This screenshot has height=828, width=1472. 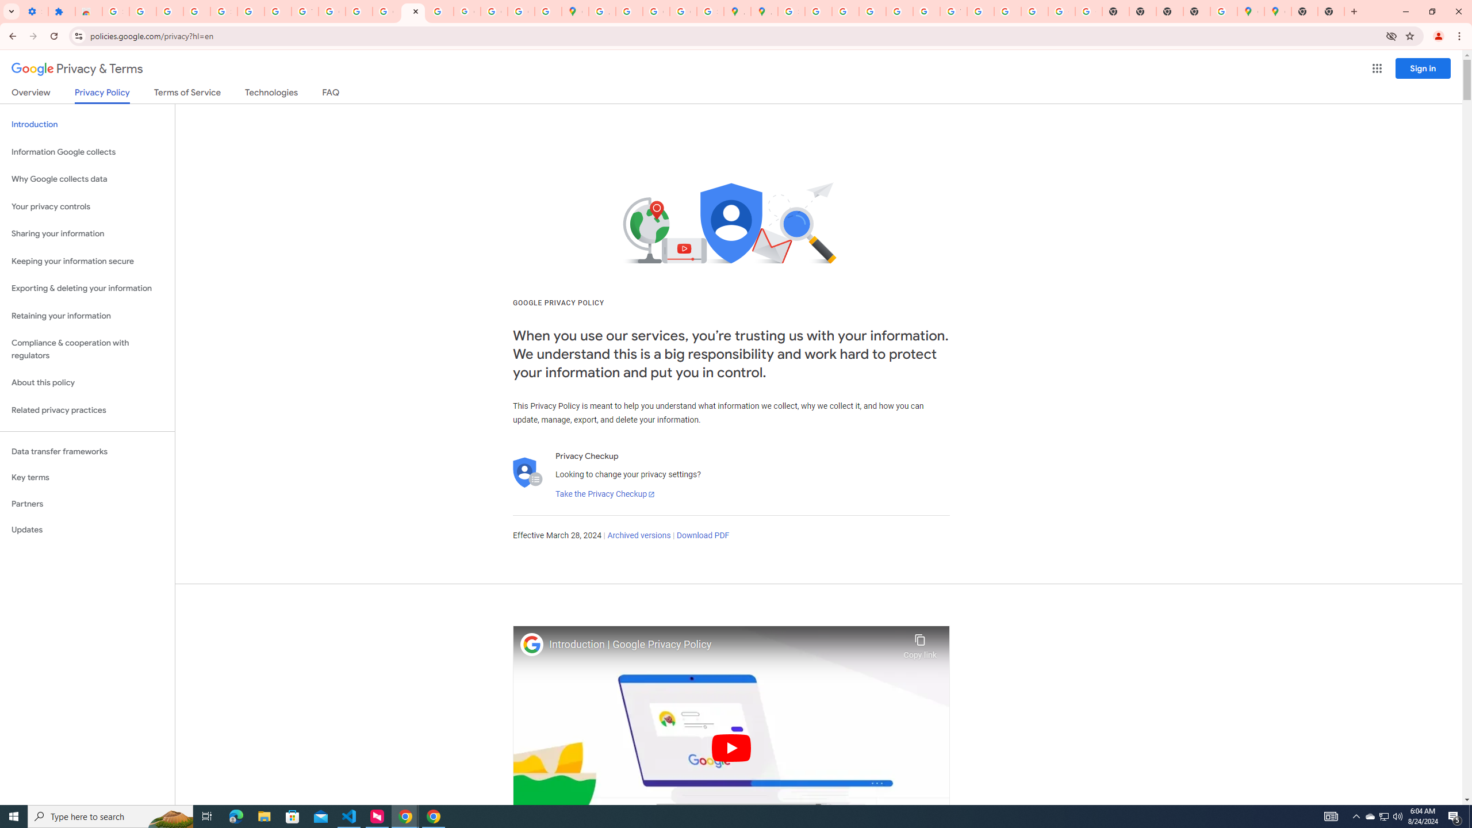 I want to click on 'View site information', so click(x=78, y=35).